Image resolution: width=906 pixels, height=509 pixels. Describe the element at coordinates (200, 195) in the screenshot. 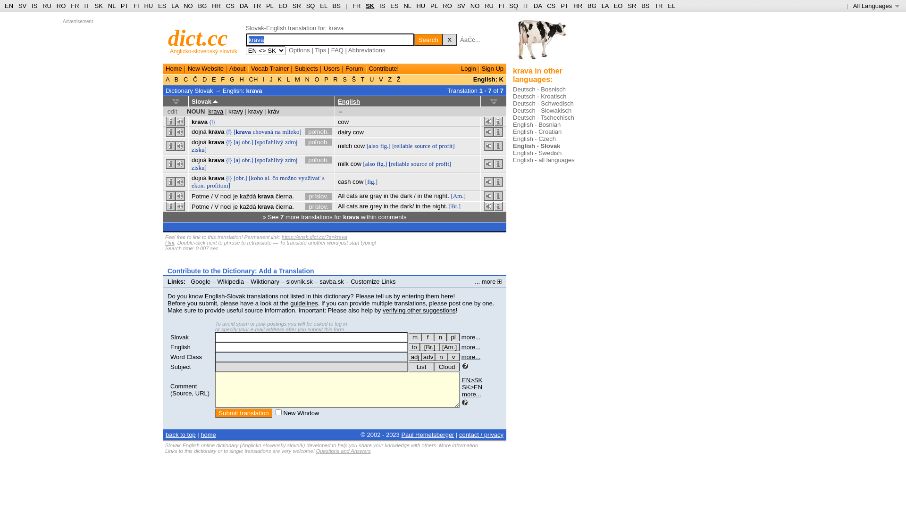

I see `'Potme'` at that location.